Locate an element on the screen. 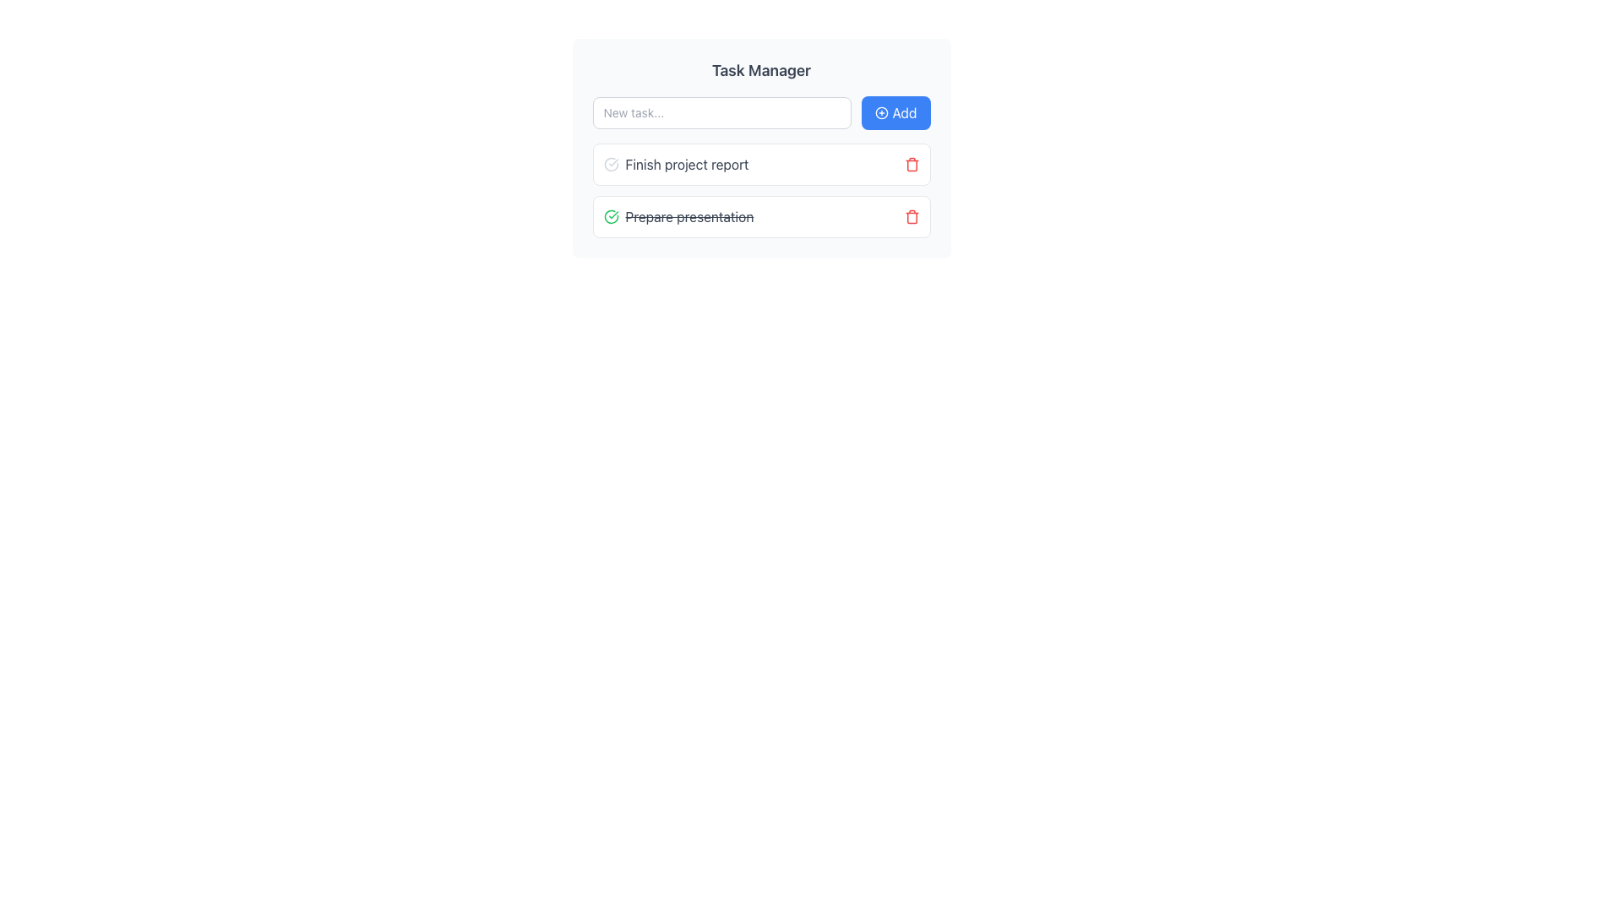  the delete button located to the far right of the task item labeled 'Prepare presentation' is located at coordinates (911, 216).